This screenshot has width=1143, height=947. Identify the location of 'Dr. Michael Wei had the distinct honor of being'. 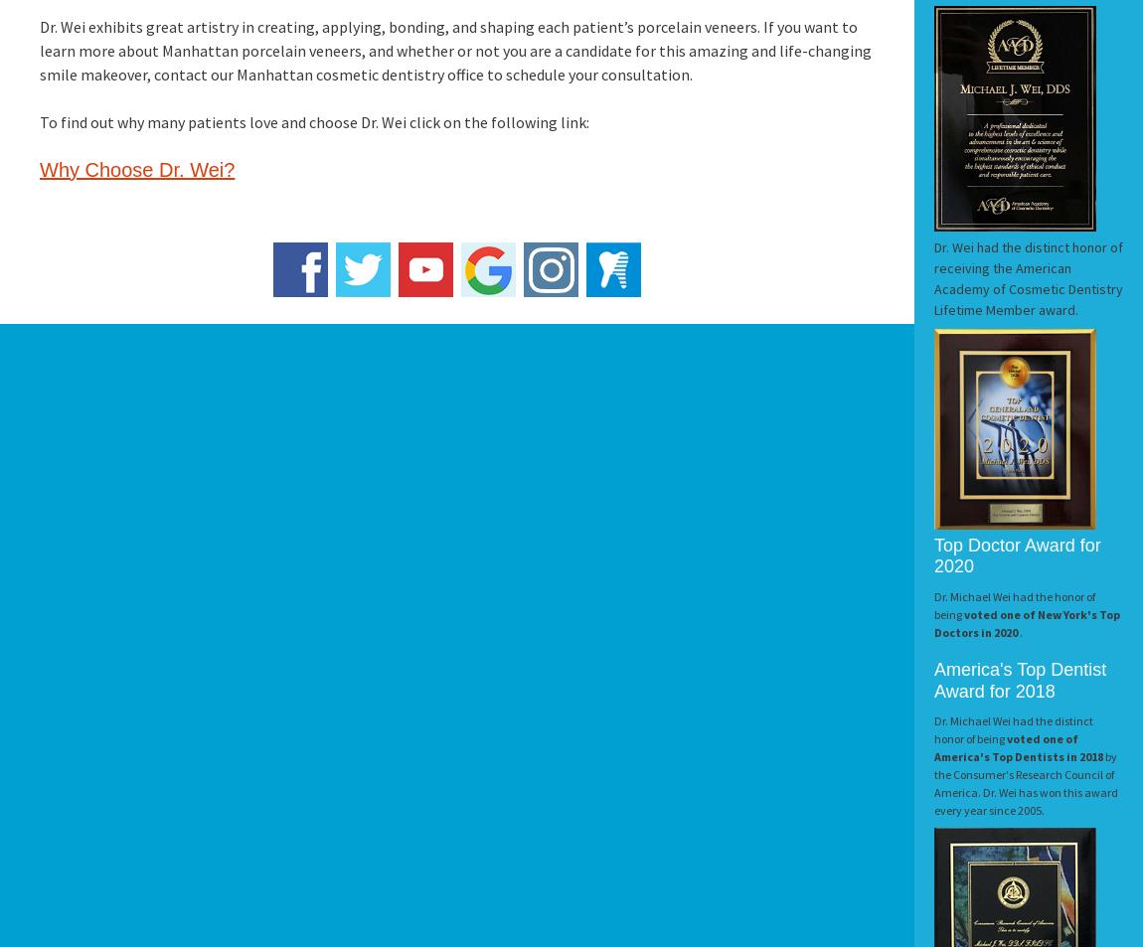
(1014, 729).